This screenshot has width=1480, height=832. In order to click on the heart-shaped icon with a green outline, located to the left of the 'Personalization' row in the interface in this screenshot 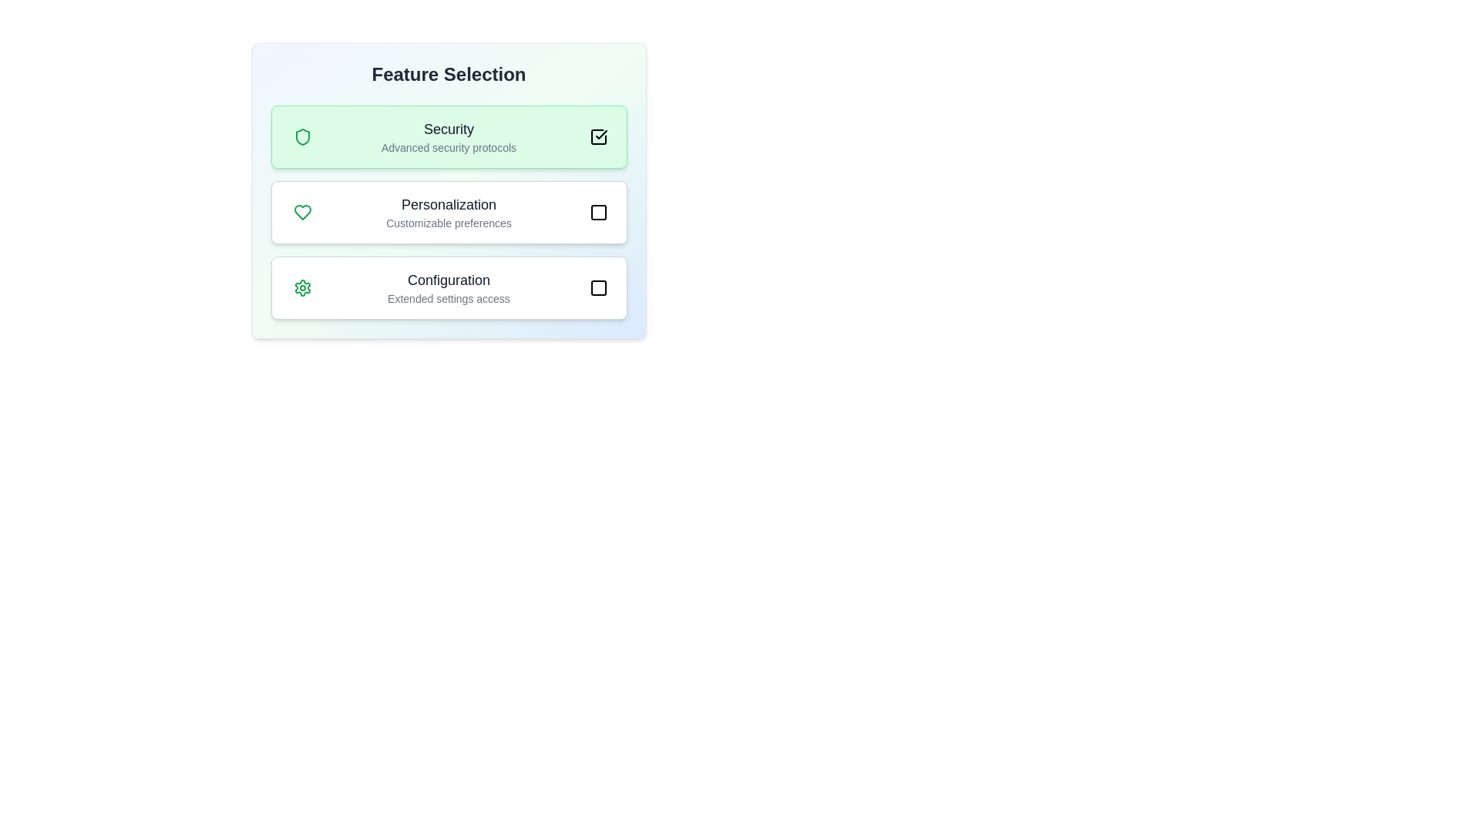, I will do `click(302, 213)`.